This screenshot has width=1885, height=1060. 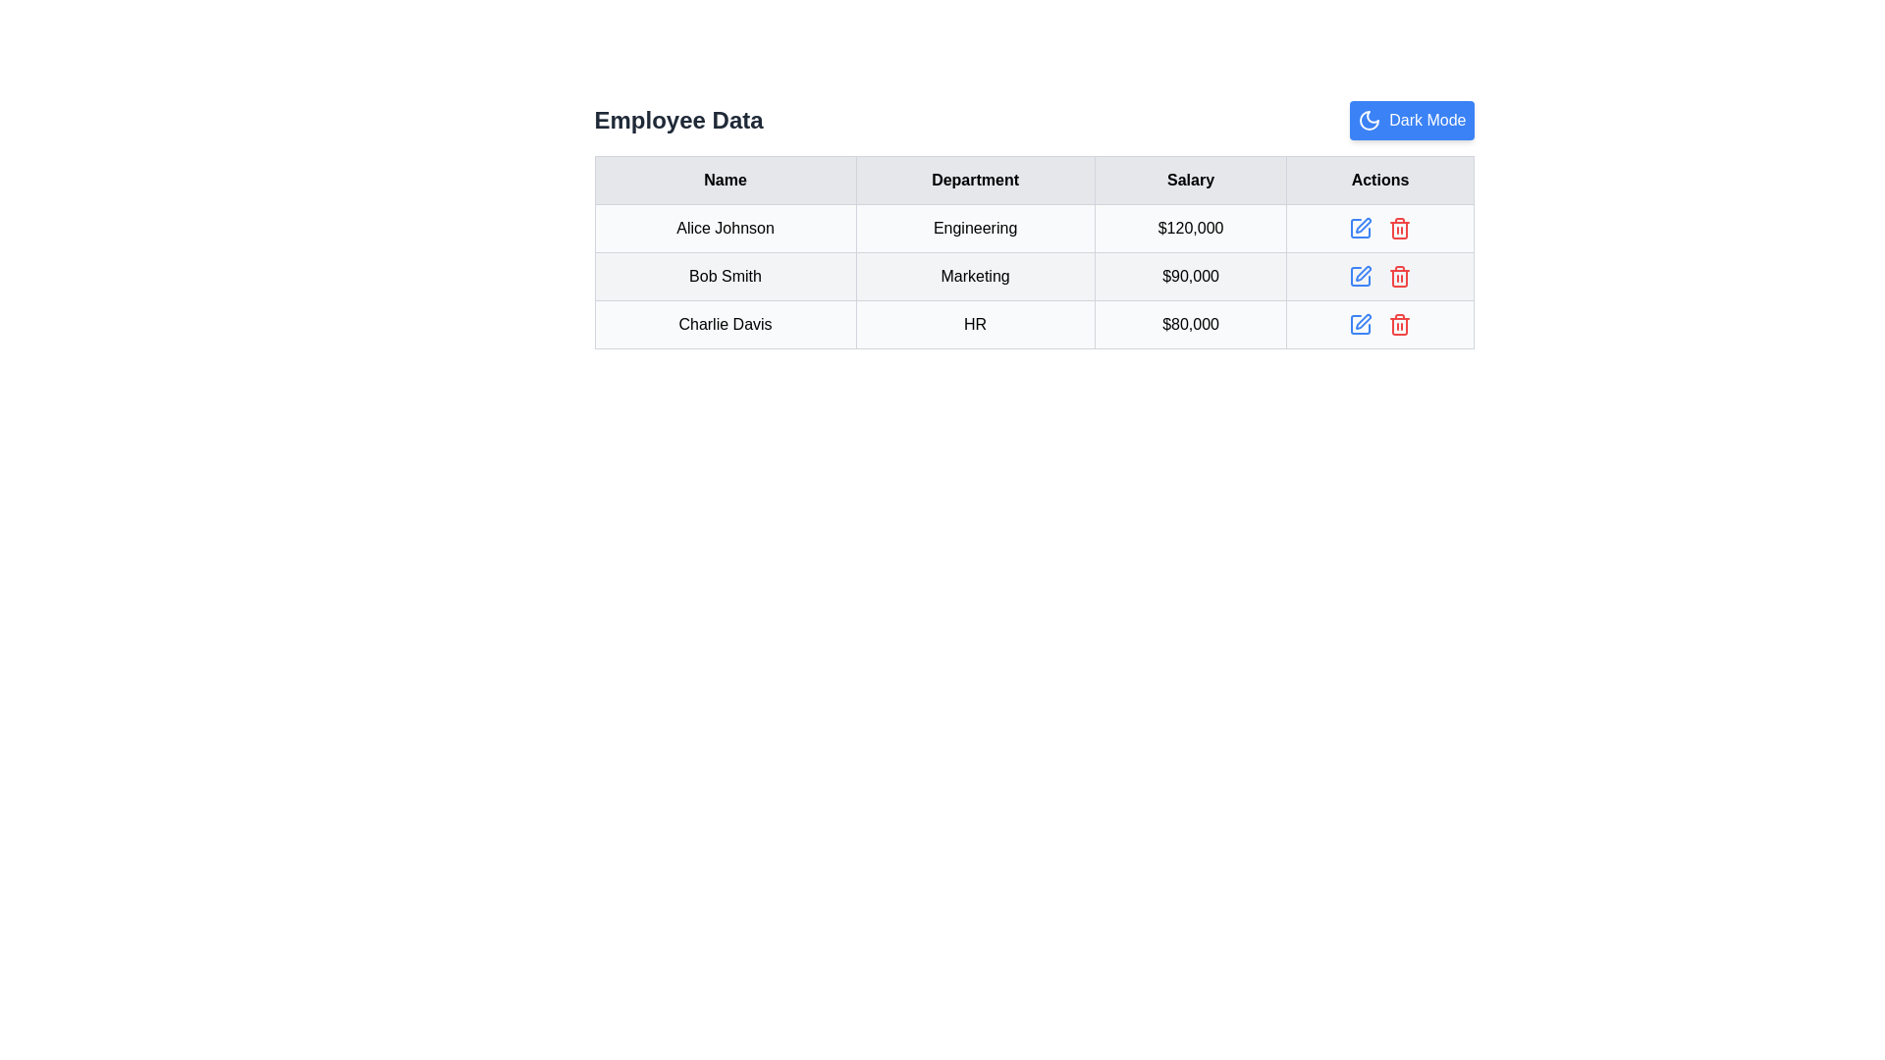 I want to click on the text field displaying 'Charlie Davis' which is located in the third row of the table under the 'Name' column, so click(x=725, y=324).